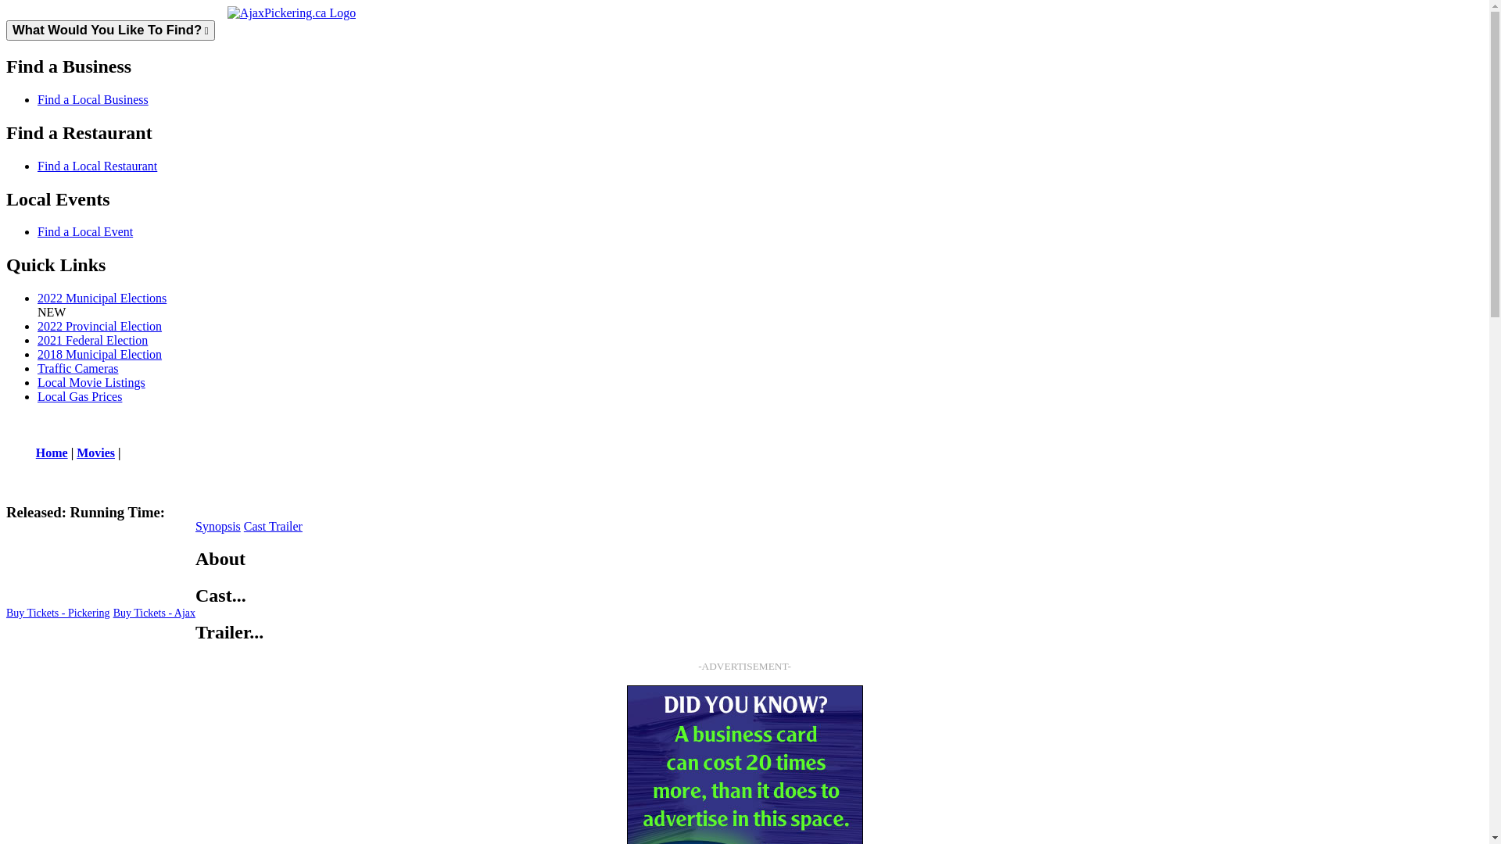 The width and height of the screenshot is (1501, 844). I want to click on 'Home', so click(52, 452).